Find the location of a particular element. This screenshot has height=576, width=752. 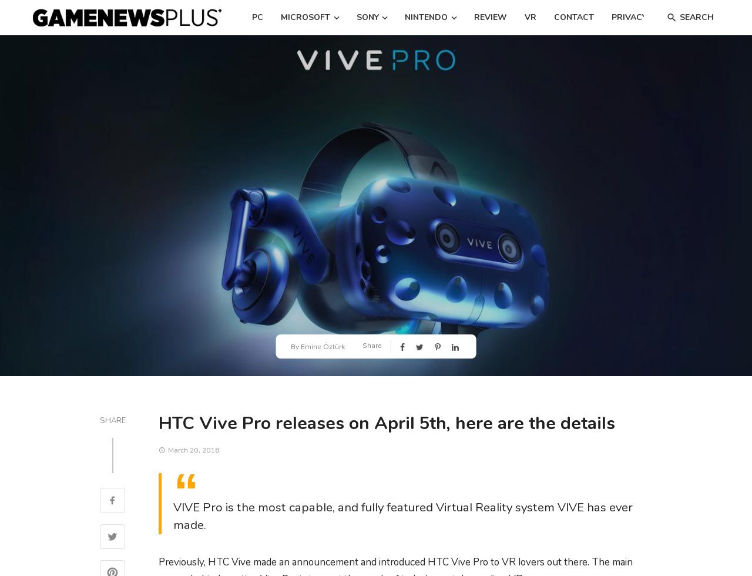

'PC' is located at coordinates (257, 17).